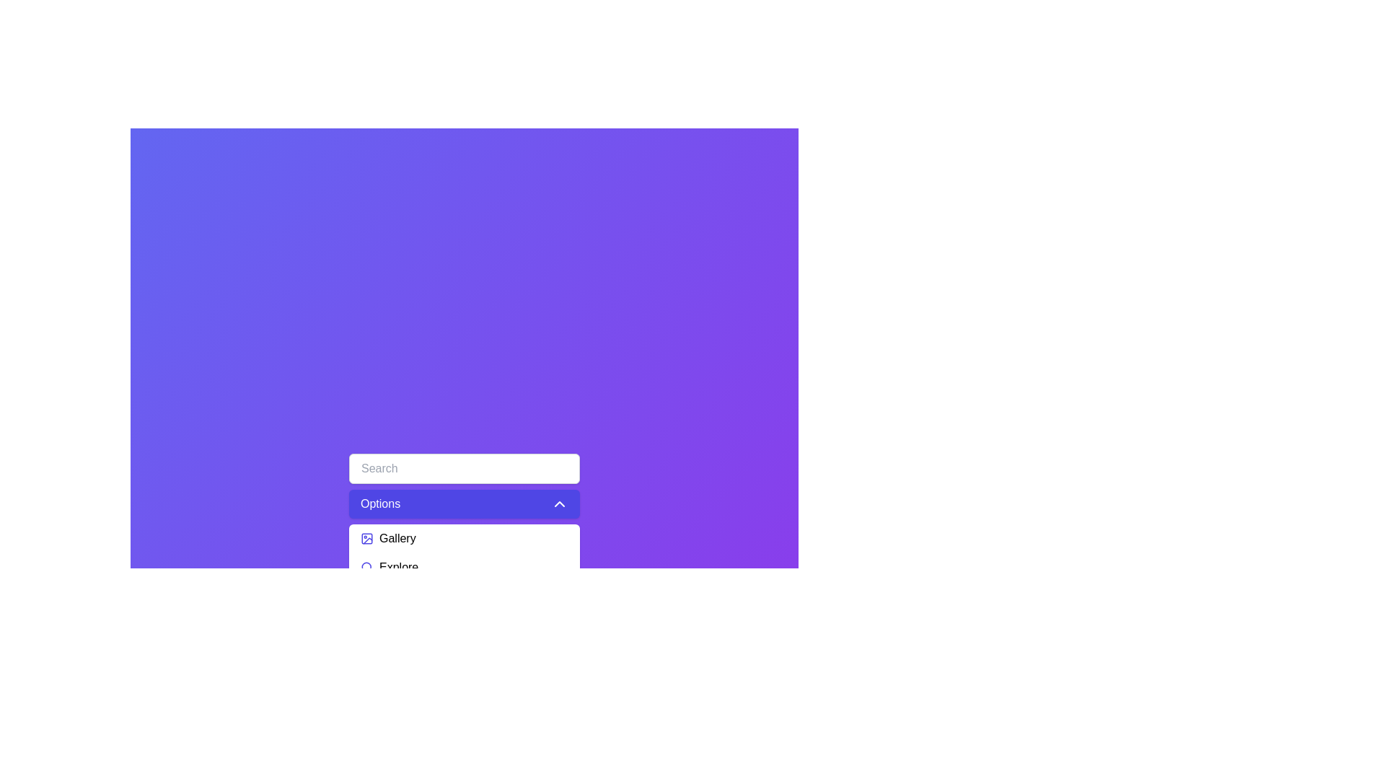 Image resolution: width=1385 pixels, height=779 pixels. I want to click on the 'Explore' option in the menu, so click(464, 566).